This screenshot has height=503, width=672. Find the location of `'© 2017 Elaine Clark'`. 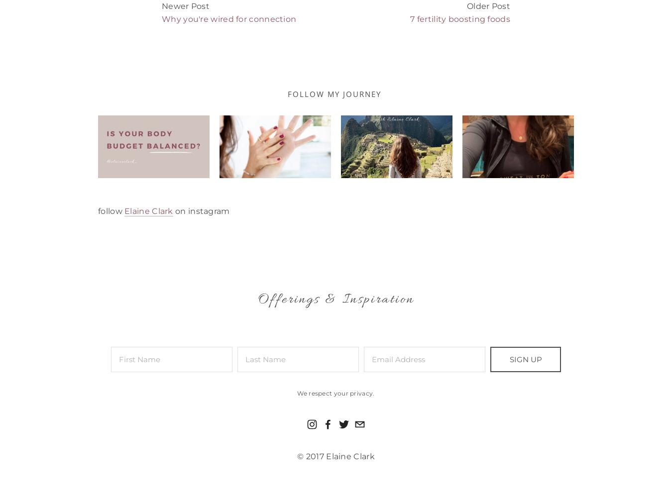

'© 2017 Elaine Clark' is located at coordinates (336, 456).